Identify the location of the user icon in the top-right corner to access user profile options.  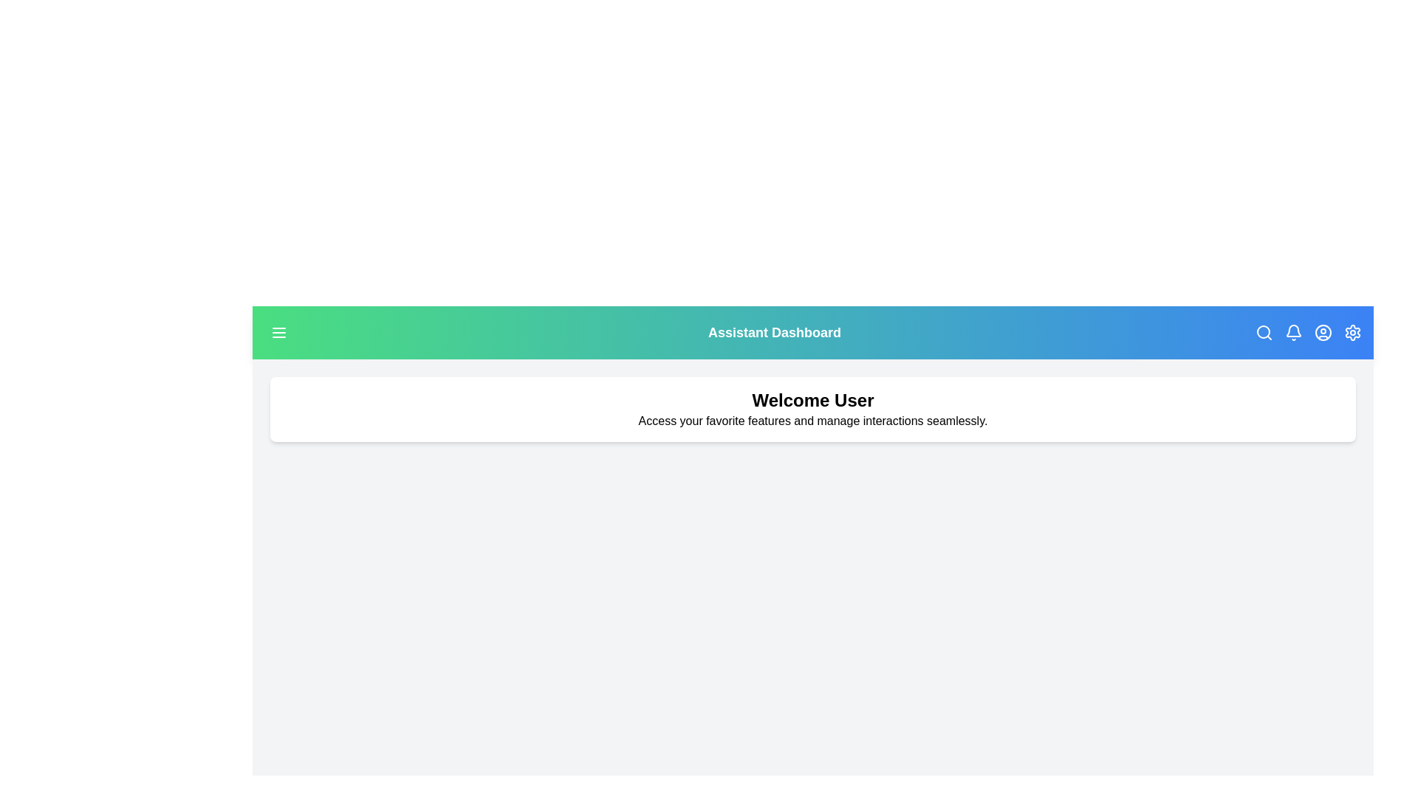
(1323, 333).